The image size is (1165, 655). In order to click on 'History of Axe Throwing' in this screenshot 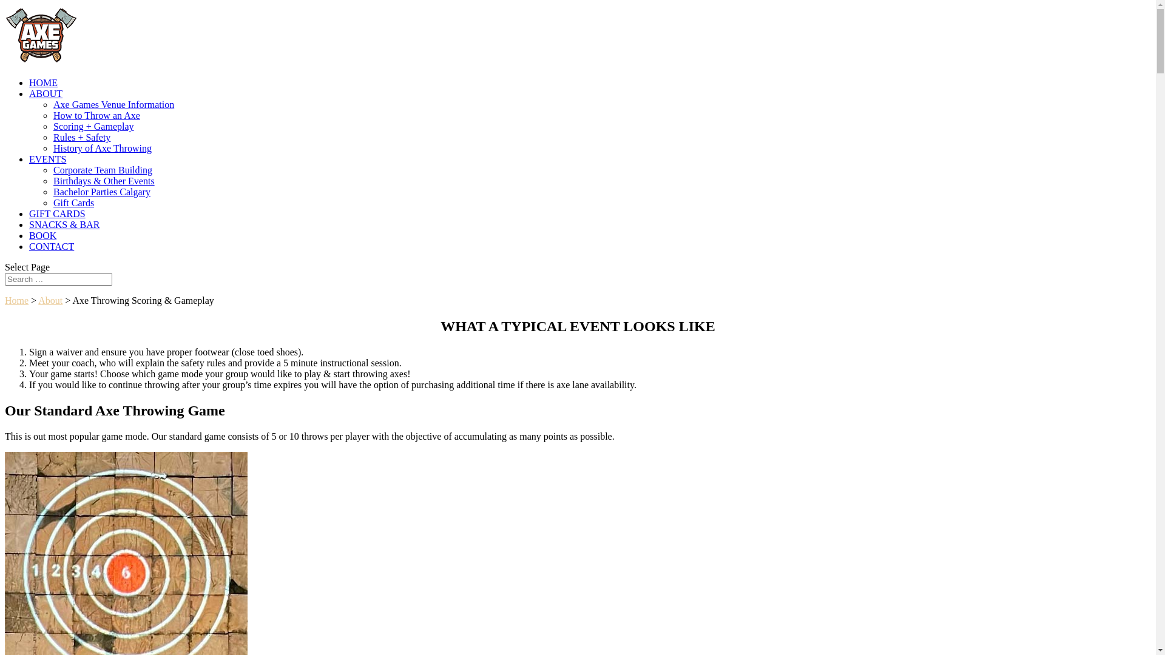, I will do `click(52, 147)`.